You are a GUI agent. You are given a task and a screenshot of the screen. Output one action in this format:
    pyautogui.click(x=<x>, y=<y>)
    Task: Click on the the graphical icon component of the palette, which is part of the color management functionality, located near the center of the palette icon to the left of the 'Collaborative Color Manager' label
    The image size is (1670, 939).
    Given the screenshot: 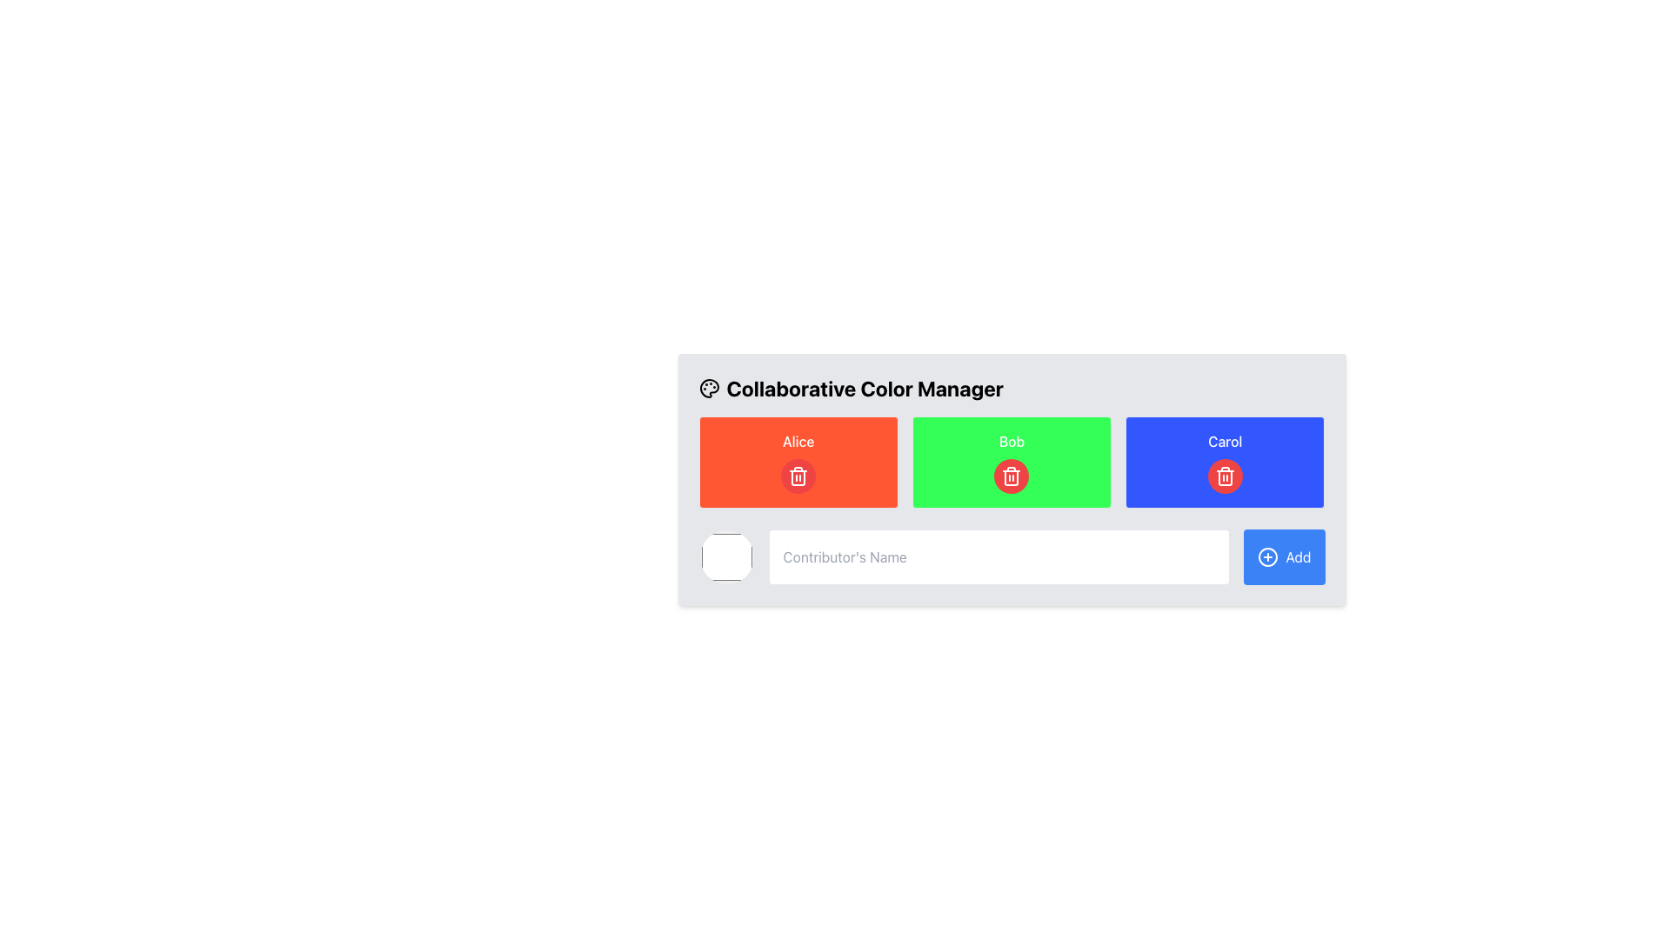 What is the action you would take?
    pyautogui.click(x=709, y=388)
    